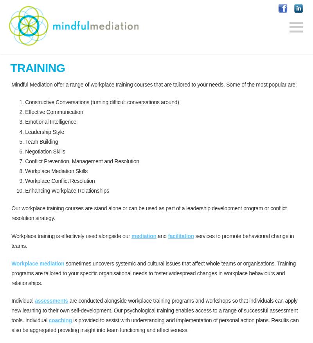 The height and width of the screenshot is (343, 313). I want to click on 'Mindful Mediation offer a range of workplace training courses that are tailored to your needs. Some of the most popular are:', so click(153, 85).